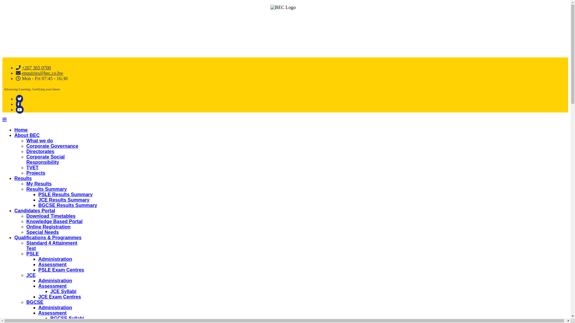  I want to click on 'Candidates Portal', so click(34, 210).